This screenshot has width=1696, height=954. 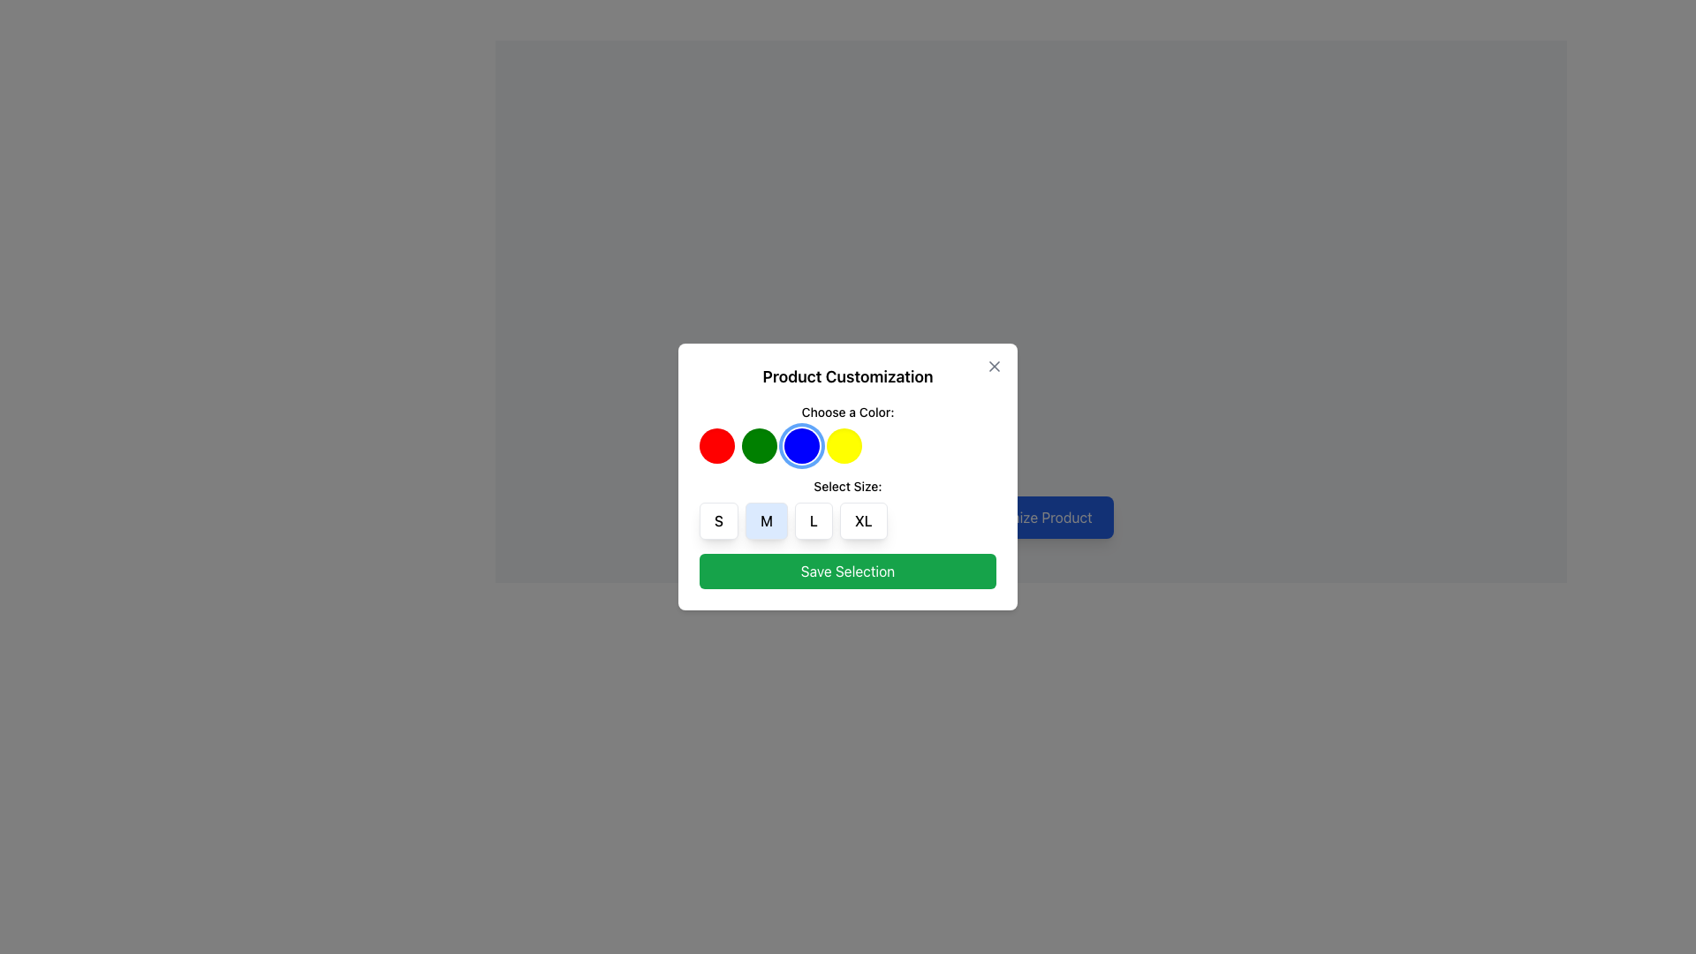 I want to click on the 'Product Customization' text label, which is a prominent header in the modal window, styled in bold and large font, so click(x=848, y=376).